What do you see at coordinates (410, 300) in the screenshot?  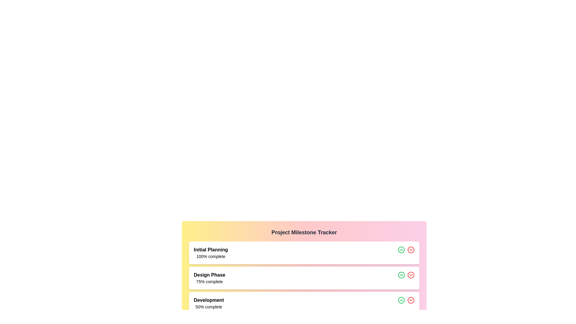 I see `the circular icon with a downward-pointing chevron arrow in red color` at bounding box center [410, 300].